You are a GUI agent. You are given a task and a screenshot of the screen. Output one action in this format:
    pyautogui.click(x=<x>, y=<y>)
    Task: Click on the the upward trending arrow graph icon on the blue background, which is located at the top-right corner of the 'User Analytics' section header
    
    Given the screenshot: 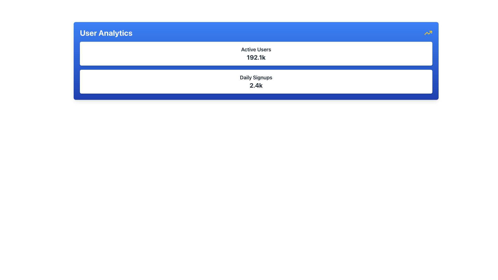 What is the action you would take?
    pyautogui.click(x=428, y=33)
    